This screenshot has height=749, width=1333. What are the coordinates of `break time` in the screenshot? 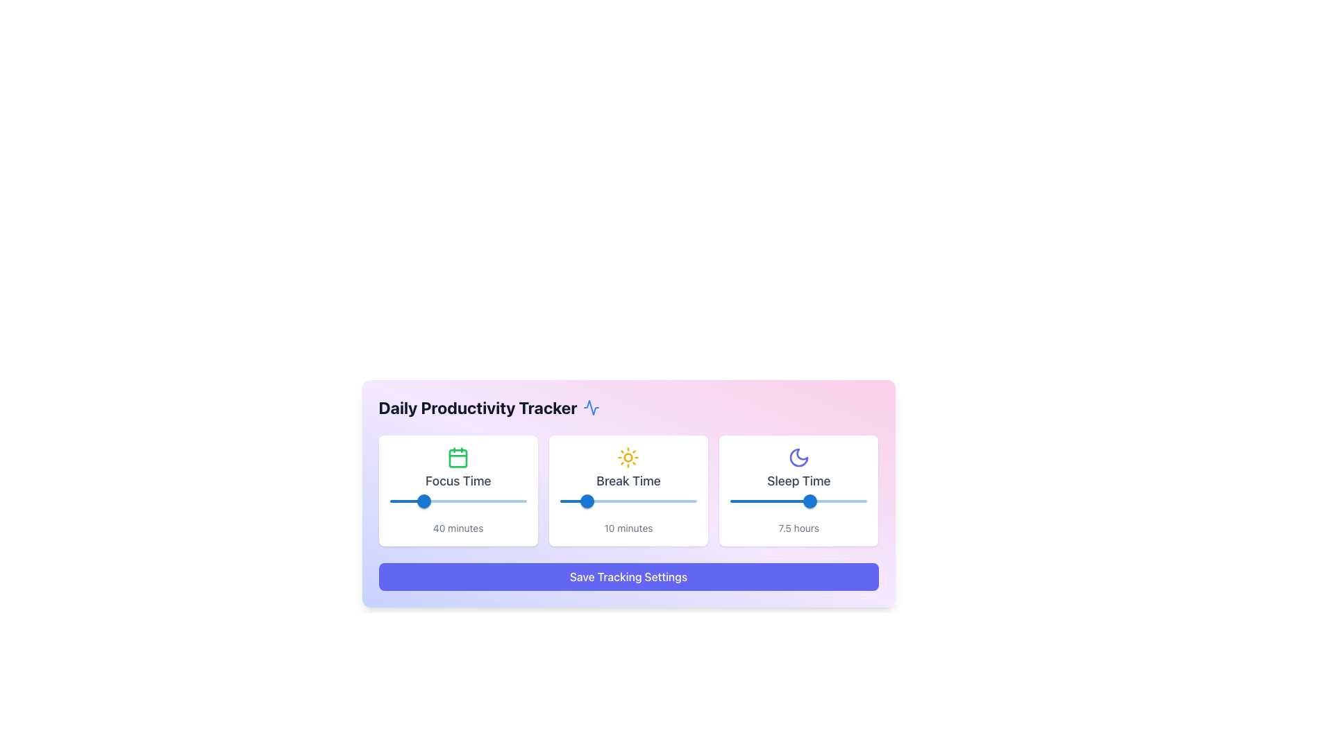 It's located at (654, 501).